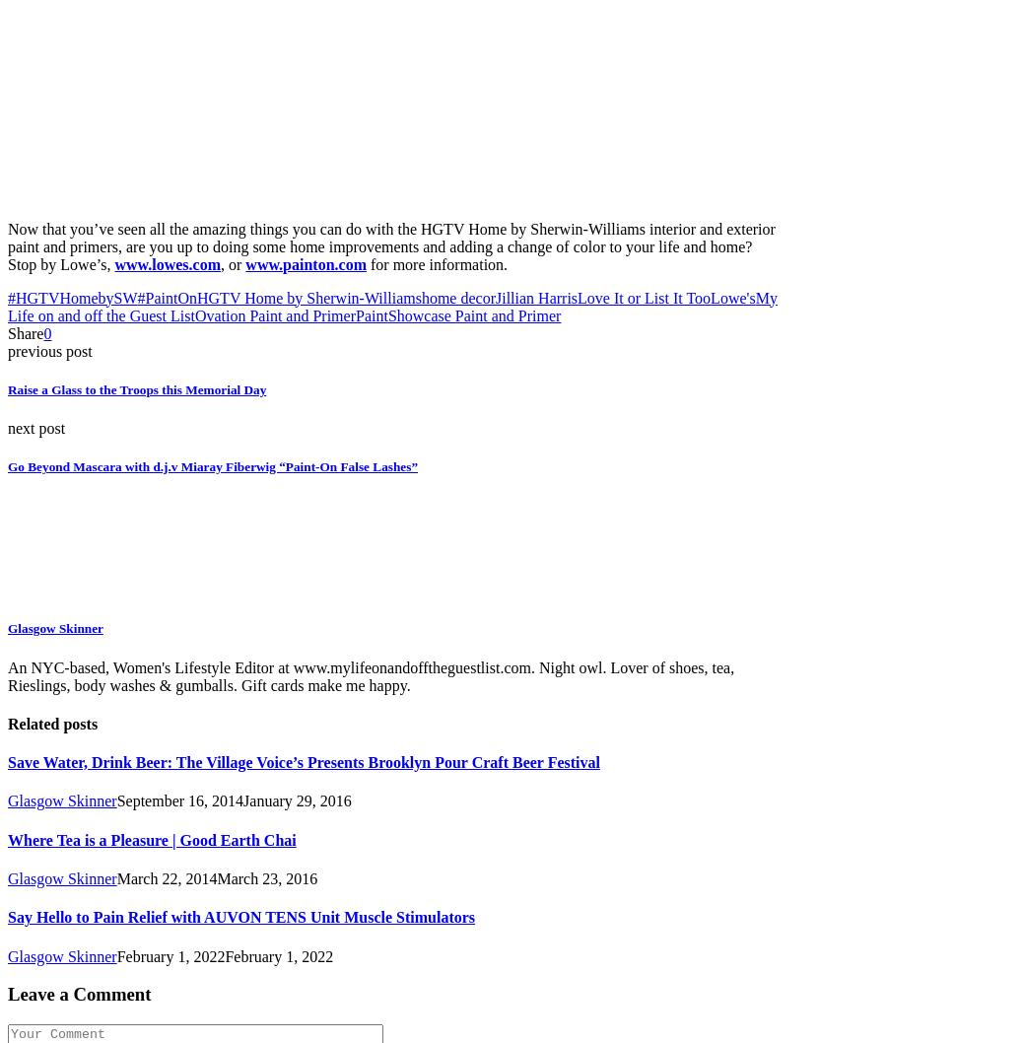 The width and height of the screenshot is (1023, 1043). I want to click on 'Raise a Glass to the Troops this Memorial Day', so click(135, 388).